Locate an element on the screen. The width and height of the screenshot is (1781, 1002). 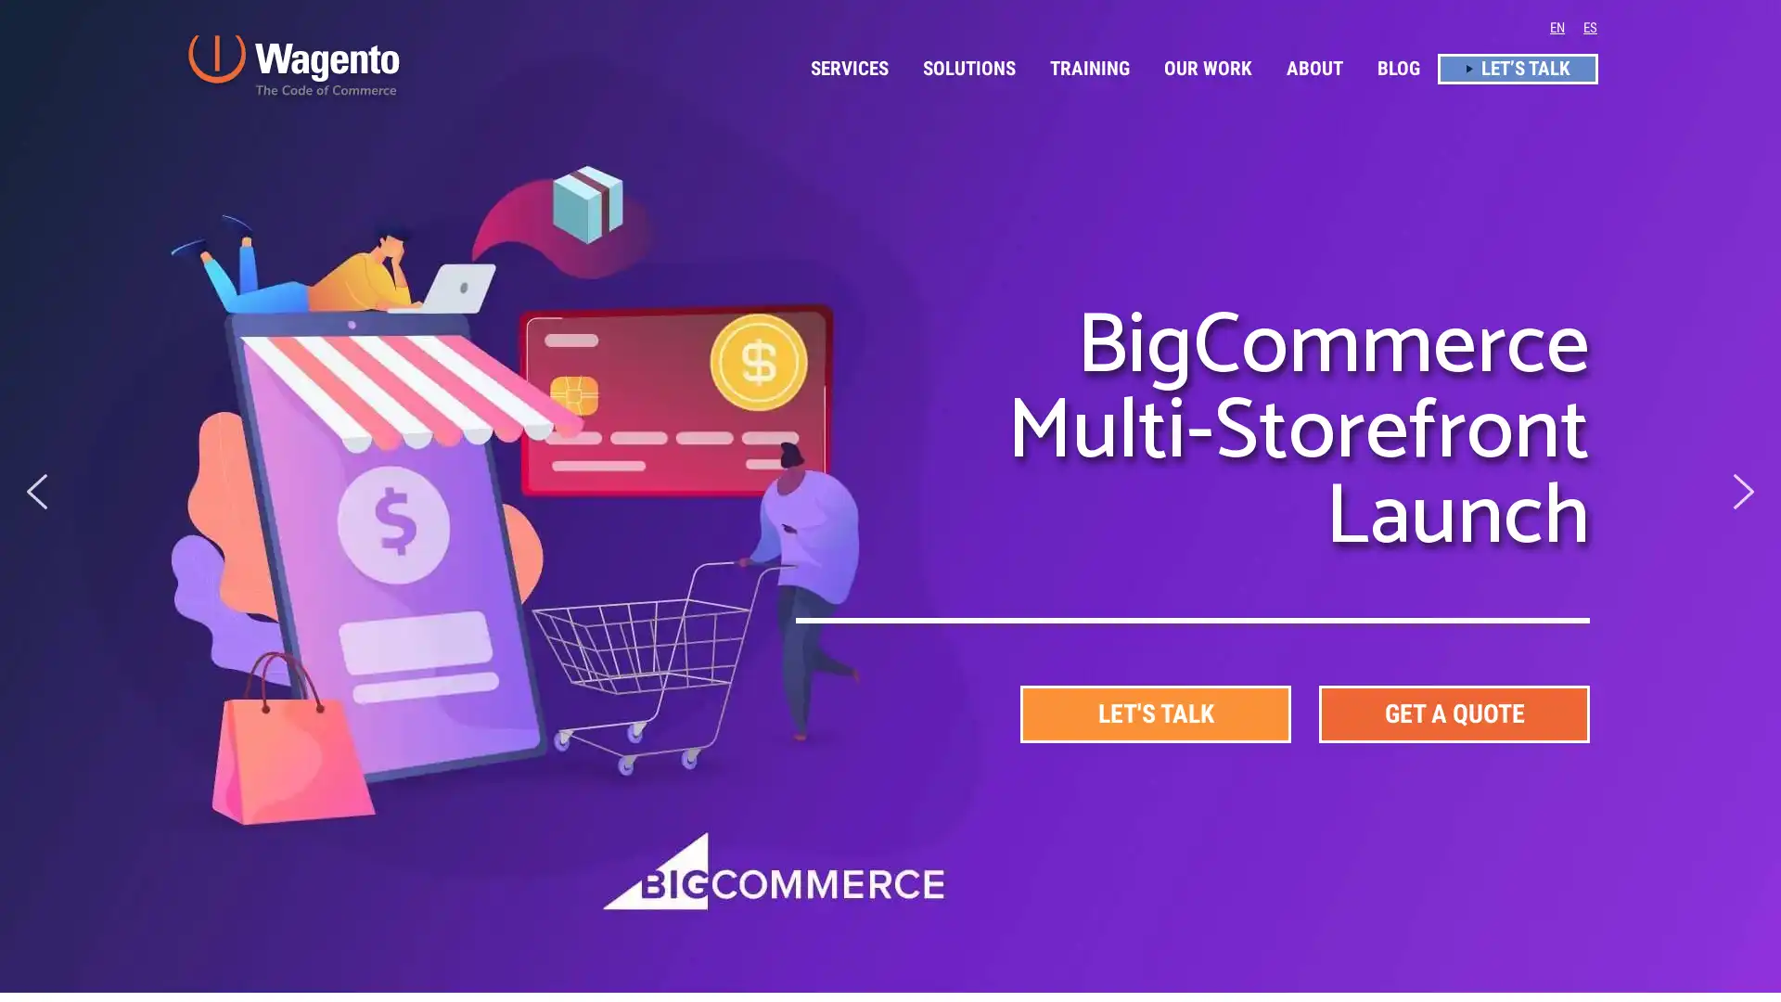
previous arrow is located at coordinates (36, 489).